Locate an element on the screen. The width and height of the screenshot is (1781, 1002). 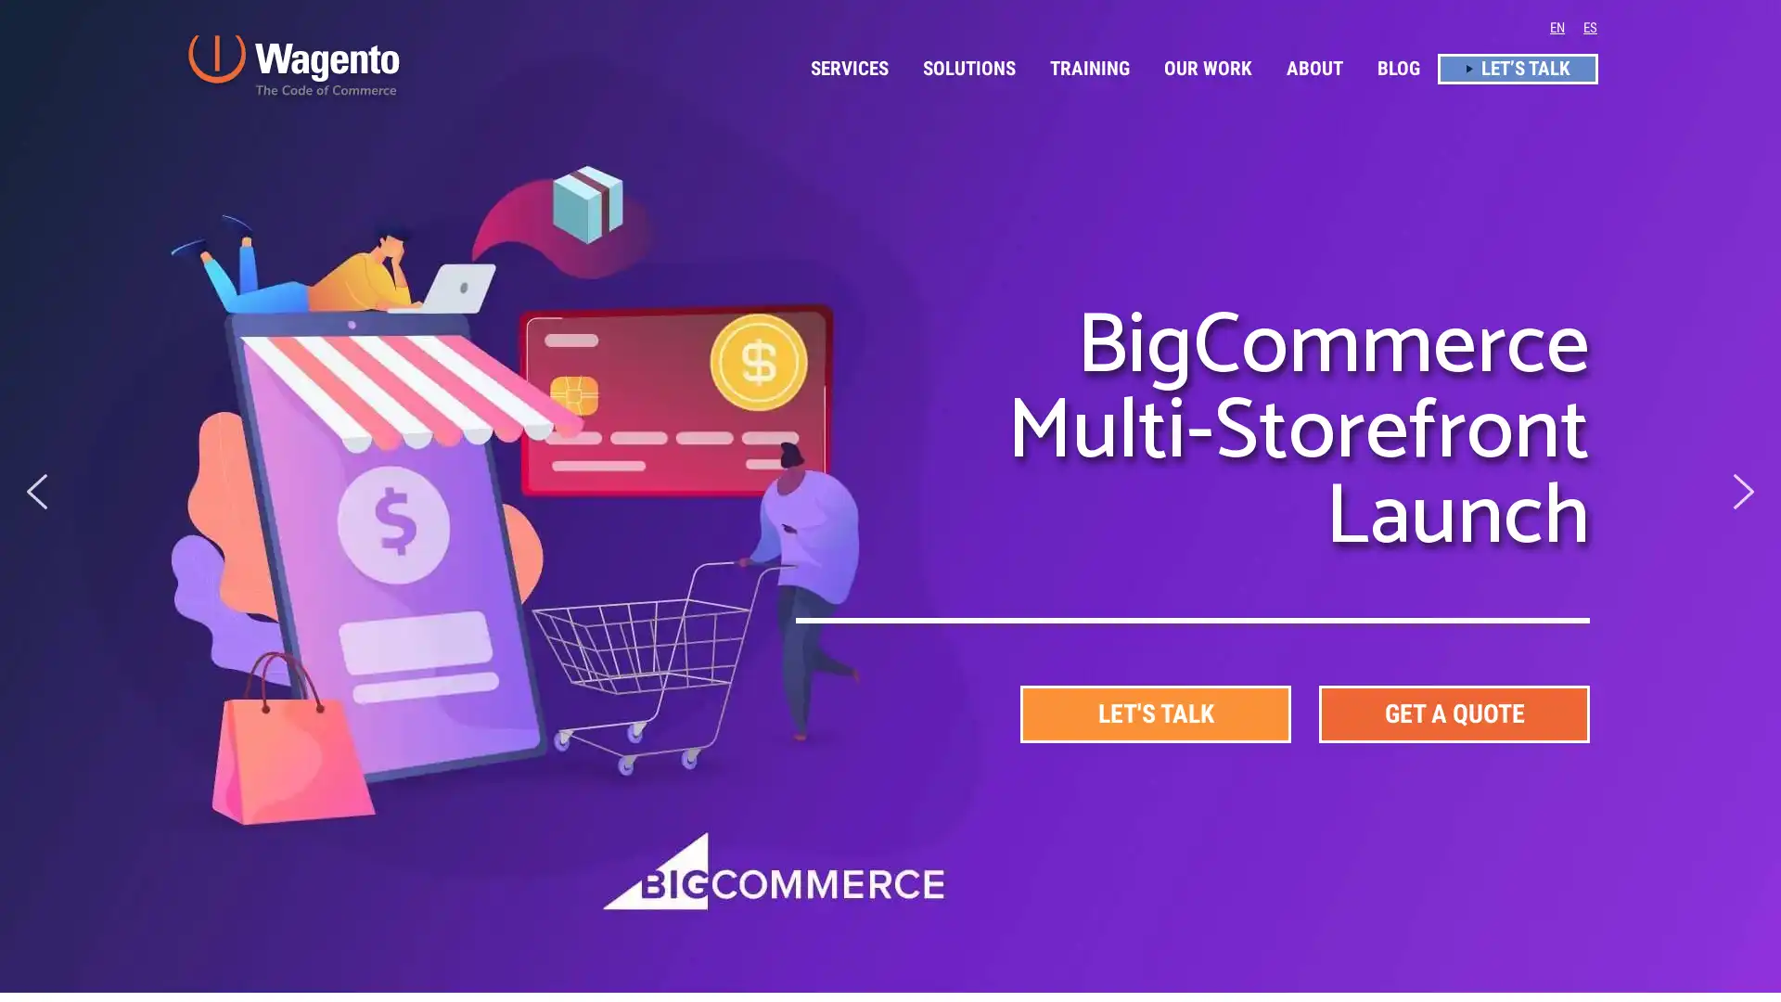
previous arrow is located at coordinates (36, 489).